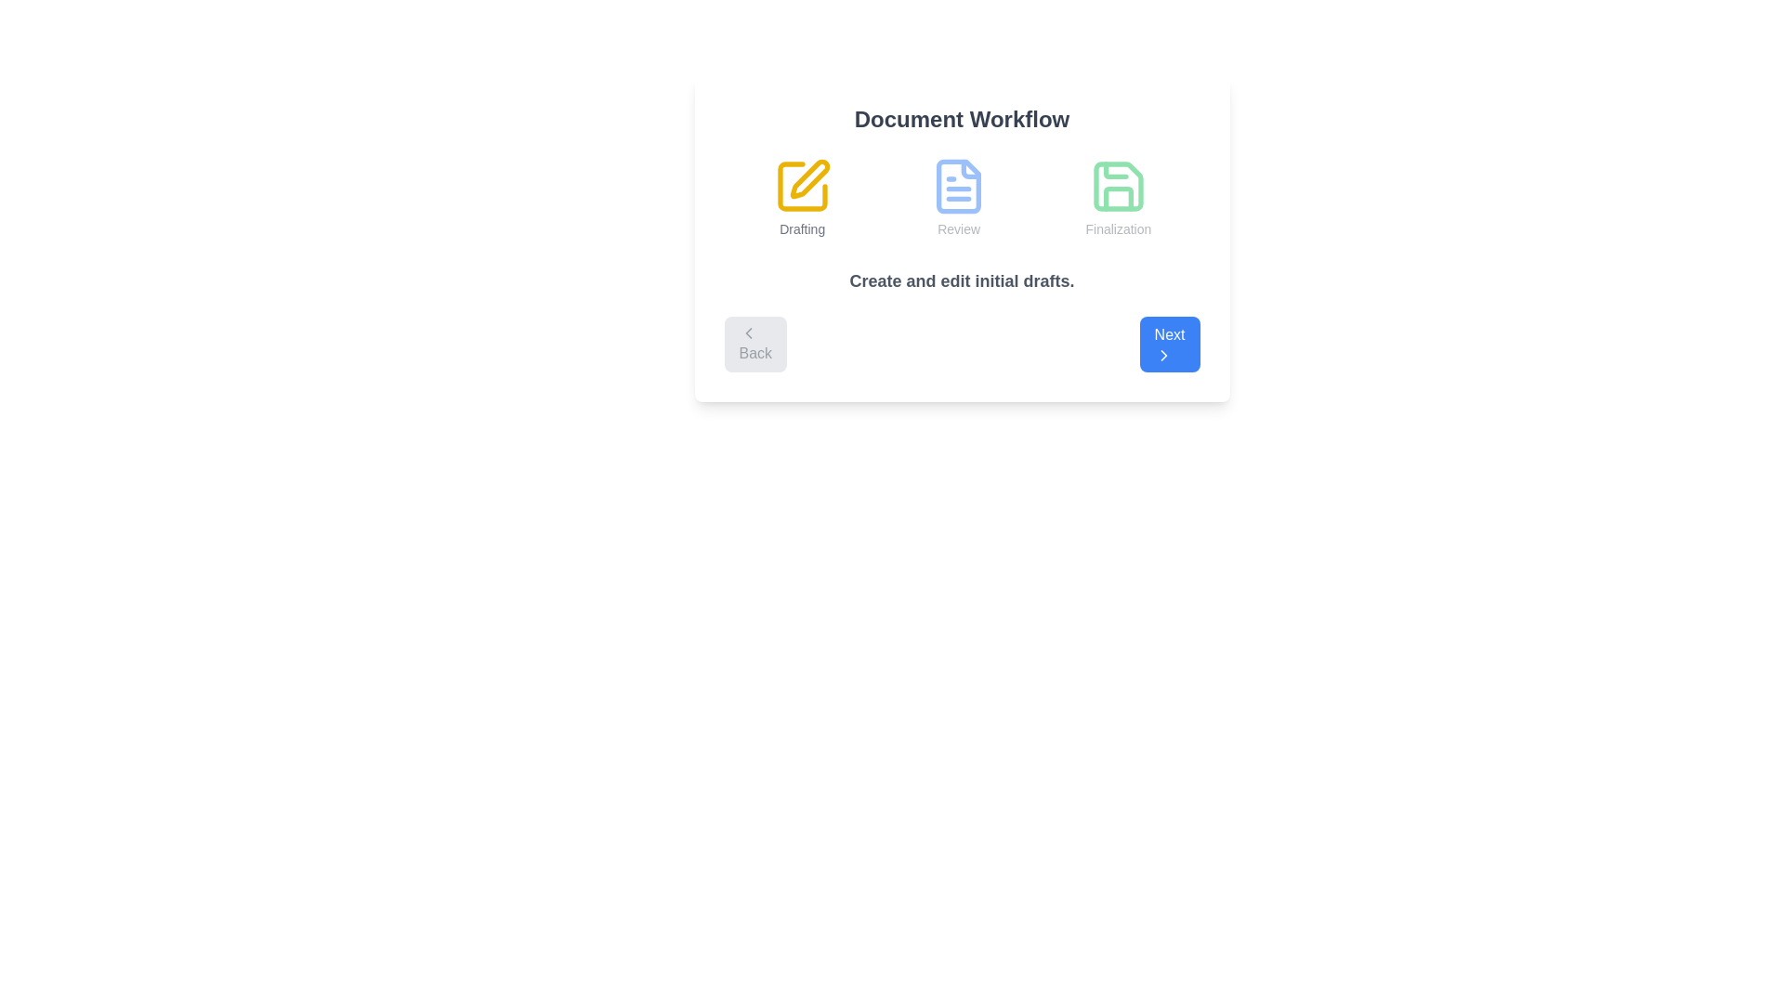 Image resolution: width=1784 pixels, height=1003 pixels. Describe the element at coordinates (959, 228) in the screenshot. I see `the text label that describes the associated icon, which is located in the middle column of the interface directly under the blue file icon` at that location.